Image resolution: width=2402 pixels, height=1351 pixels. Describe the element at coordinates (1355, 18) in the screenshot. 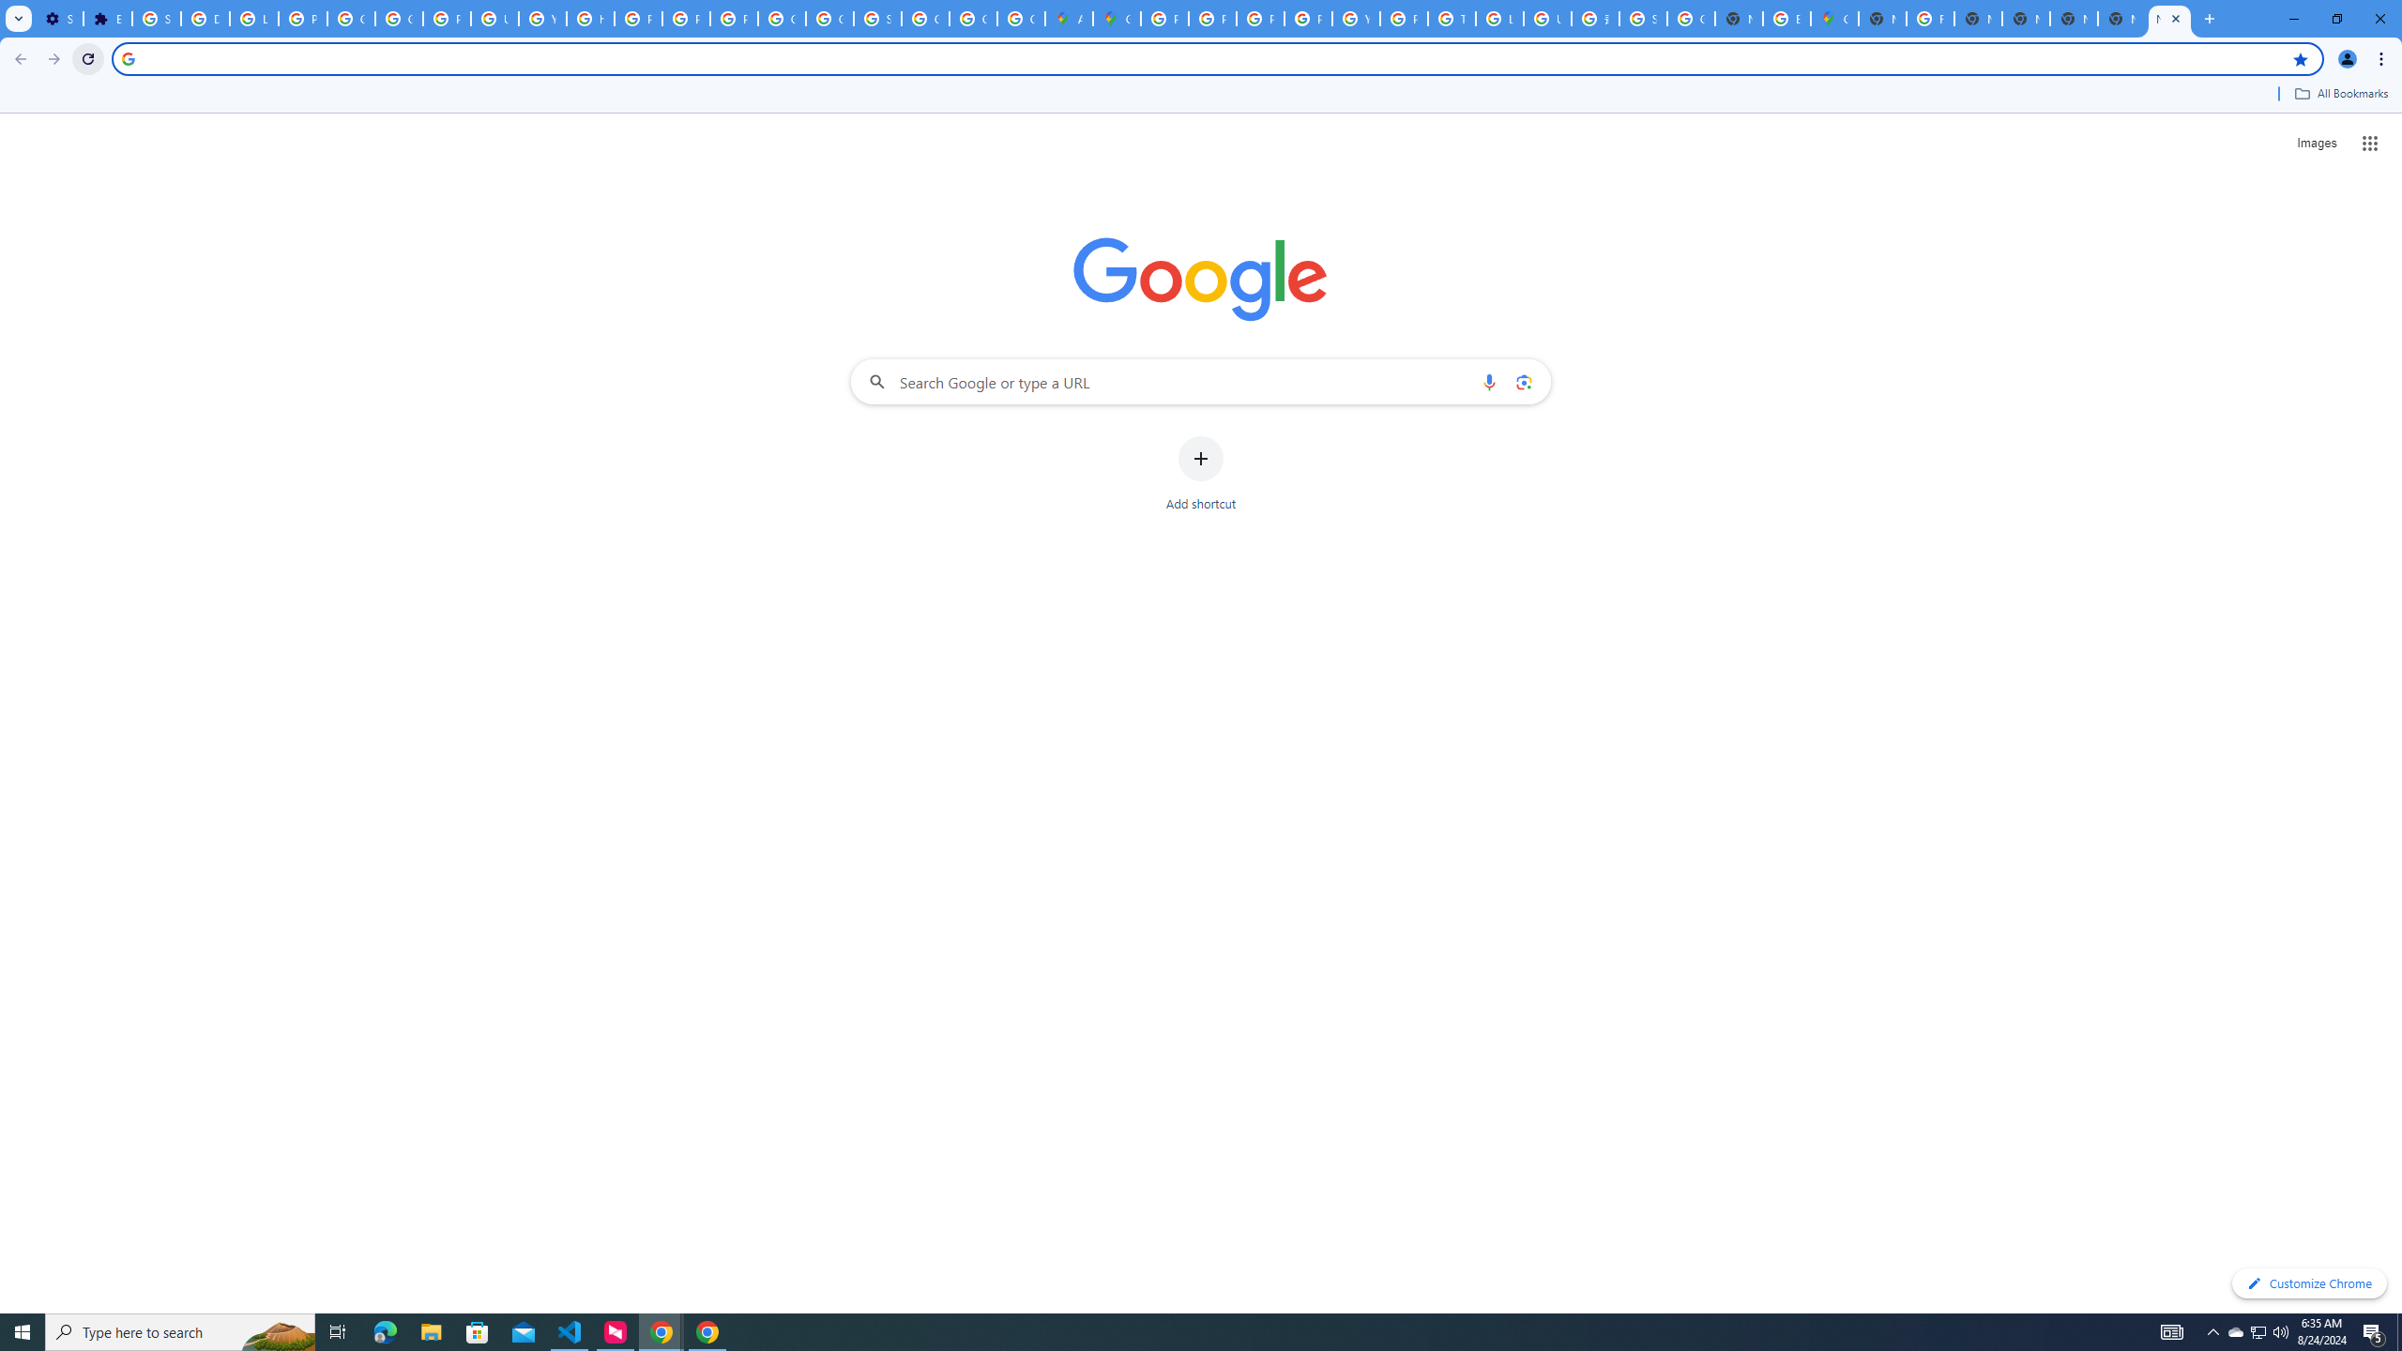

I see `'YouTube'` at that location.